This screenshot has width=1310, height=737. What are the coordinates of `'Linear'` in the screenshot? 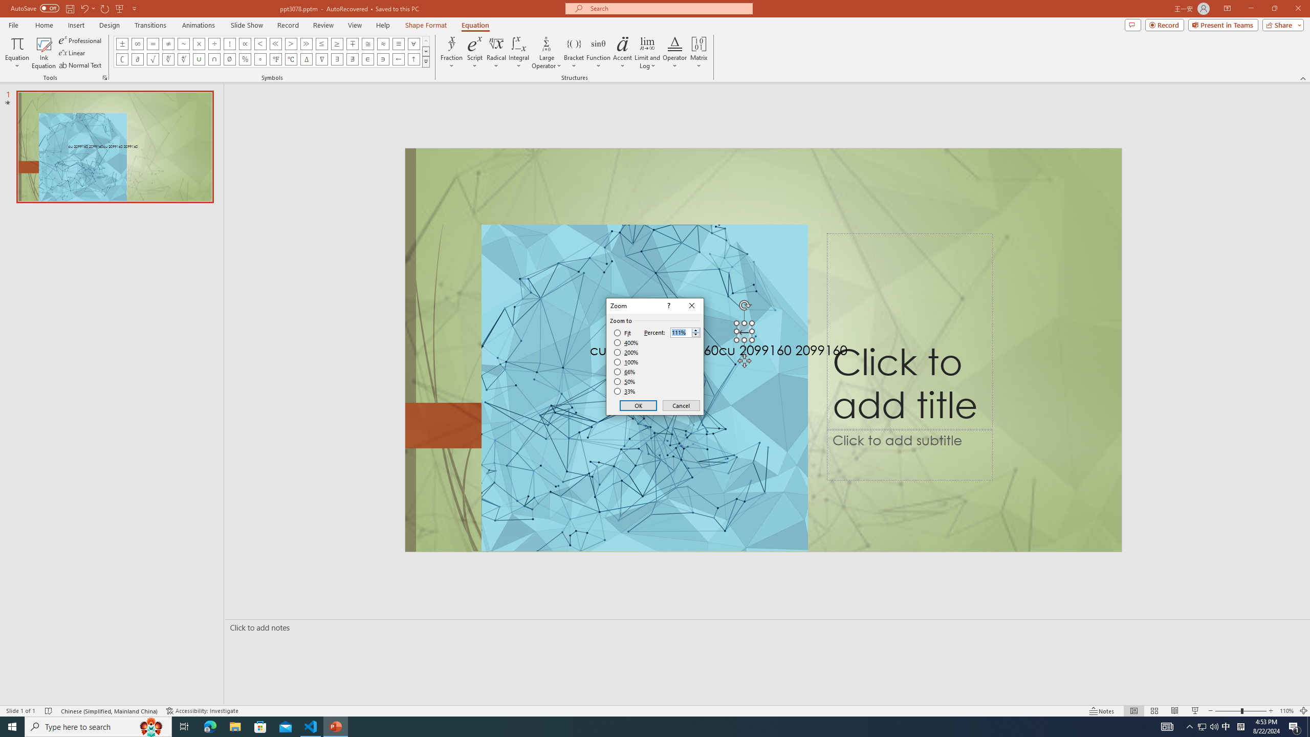 It's located at (73, 53).